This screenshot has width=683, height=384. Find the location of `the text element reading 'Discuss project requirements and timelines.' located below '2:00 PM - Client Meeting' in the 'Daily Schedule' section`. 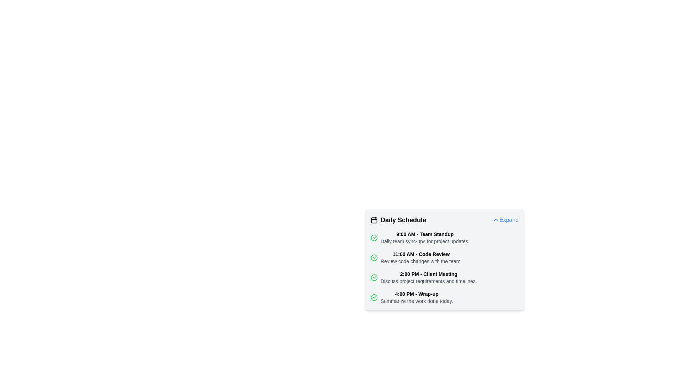

the text element reading 'Discuss project requirements and timelines.' located below '2:00 PM - Client Meeting' in the 'Daily Schedule' section is located at coordinates (428, 281).